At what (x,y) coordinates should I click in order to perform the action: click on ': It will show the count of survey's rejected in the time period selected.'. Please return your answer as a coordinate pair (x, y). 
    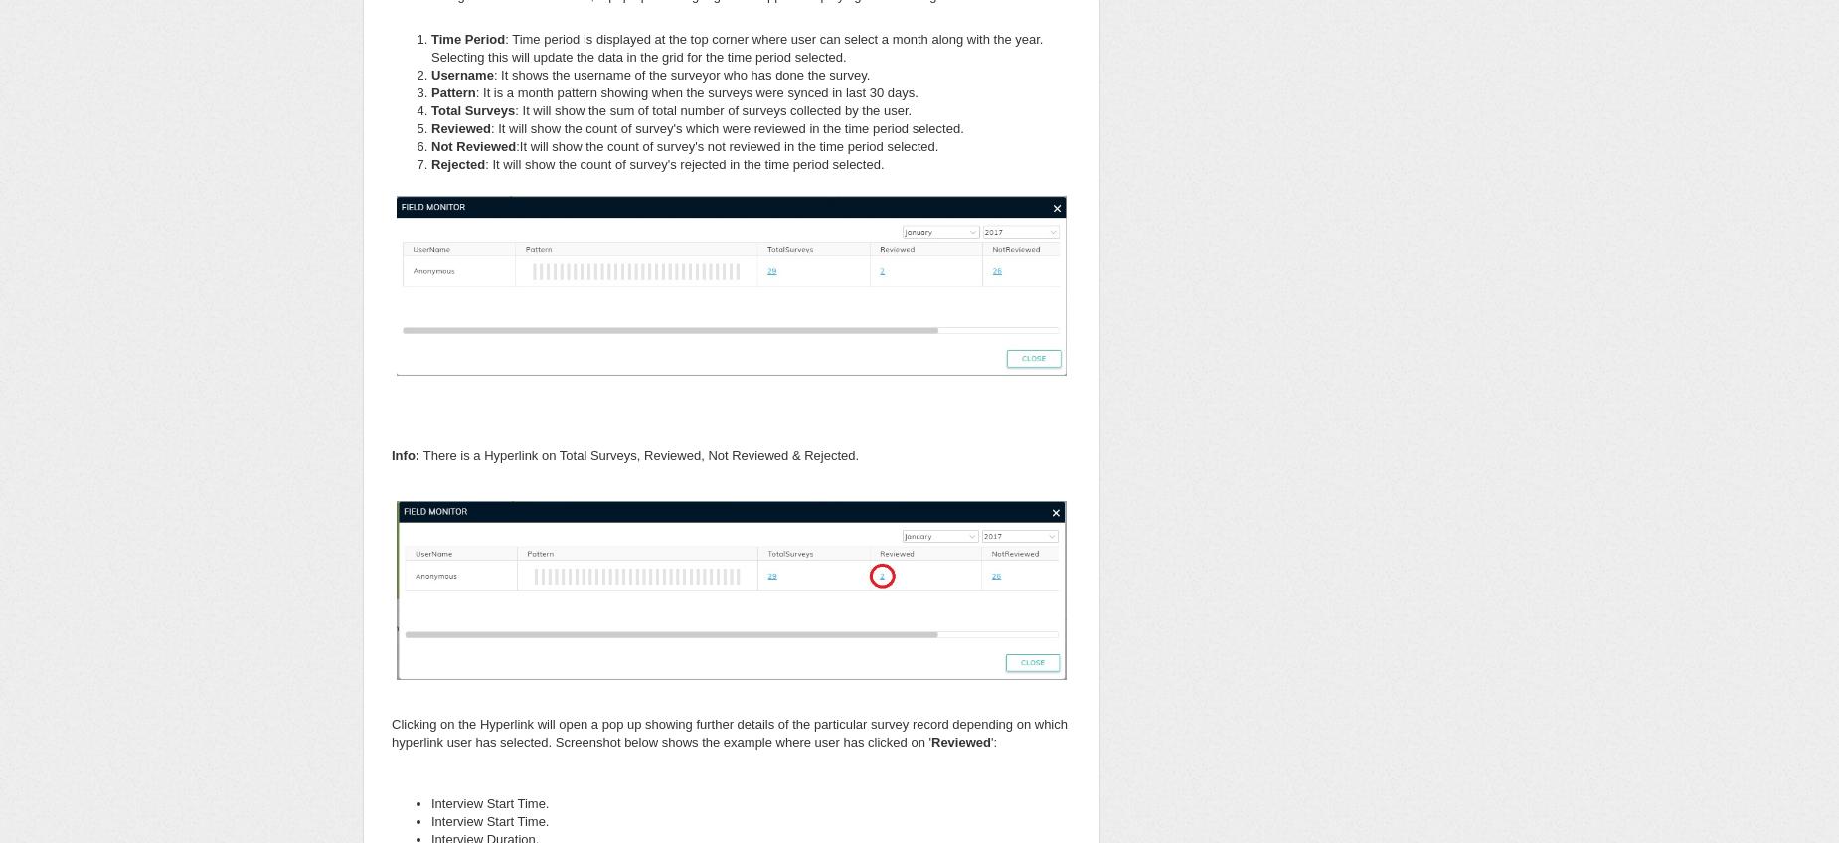
    Looking at the image, I should click on (684, 163).